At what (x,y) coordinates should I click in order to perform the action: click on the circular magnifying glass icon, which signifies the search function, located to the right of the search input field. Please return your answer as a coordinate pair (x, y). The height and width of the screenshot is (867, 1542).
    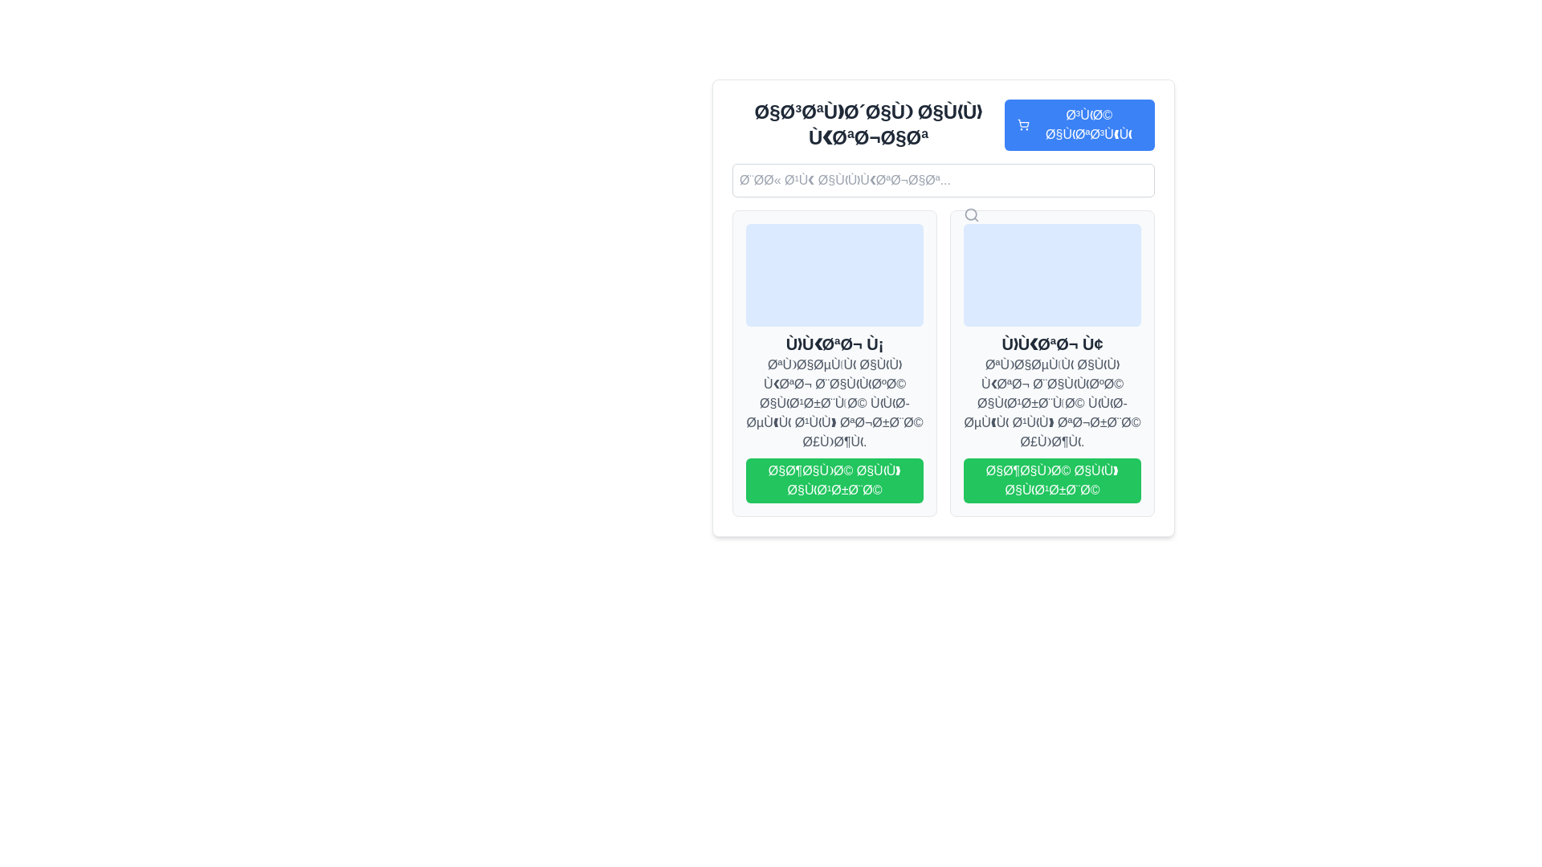
    Looking at the image, I should click on (970, 214).